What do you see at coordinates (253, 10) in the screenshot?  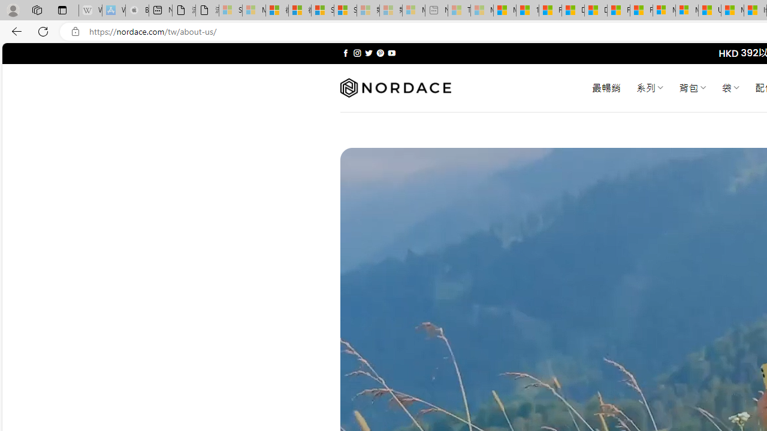 I see `'Microsoft Services Agreement - Sleeping'` at bounding box center [253, 10].